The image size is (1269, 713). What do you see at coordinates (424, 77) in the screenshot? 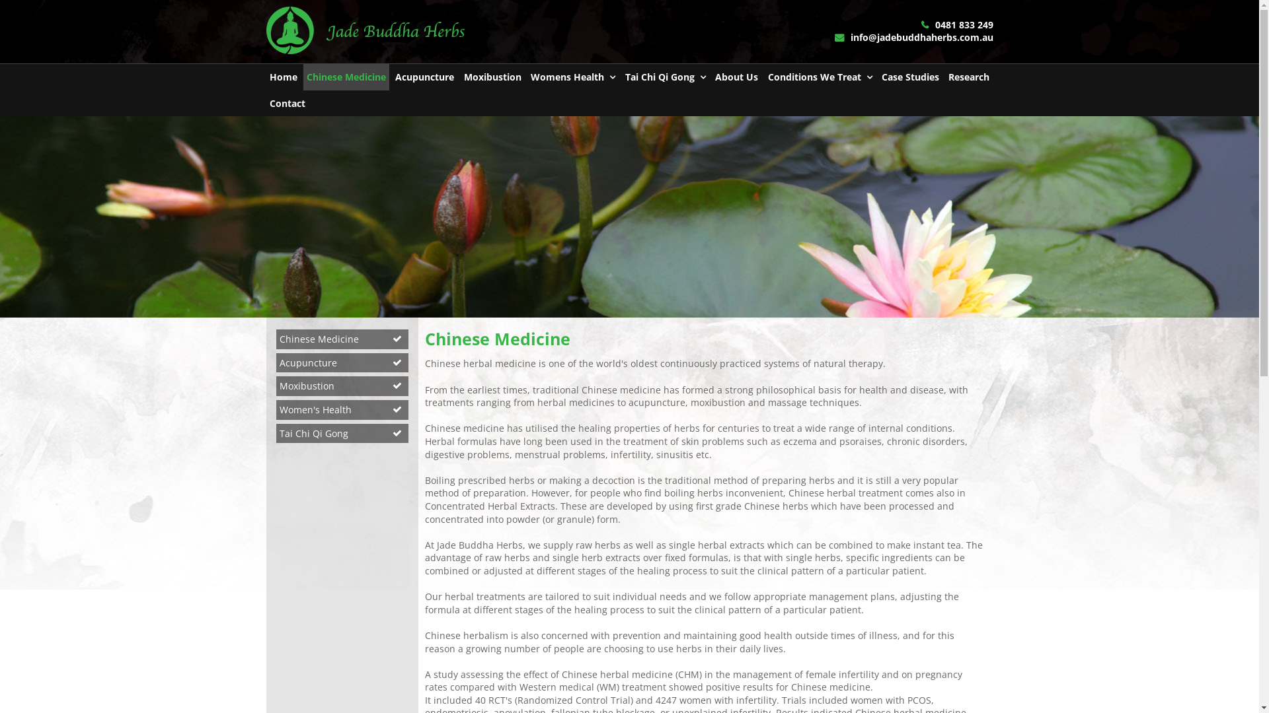
I see `'Acupuncture'` at bounding box center [424, 77].